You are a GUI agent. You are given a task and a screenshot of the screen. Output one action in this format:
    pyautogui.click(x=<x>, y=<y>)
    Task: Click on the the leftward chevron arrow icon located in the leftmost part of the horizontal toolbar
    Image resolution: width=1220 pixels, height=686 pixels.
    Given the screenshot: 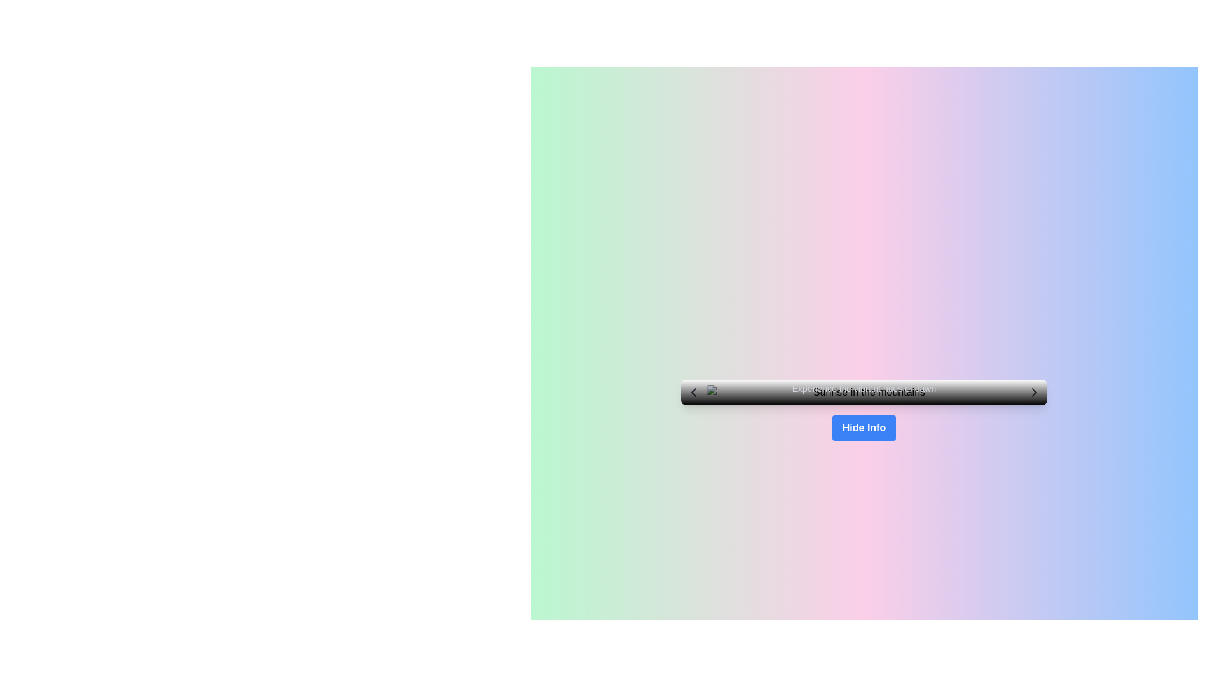 What is the action you would take?
    pyautogui.click(x=693, y=391)
    